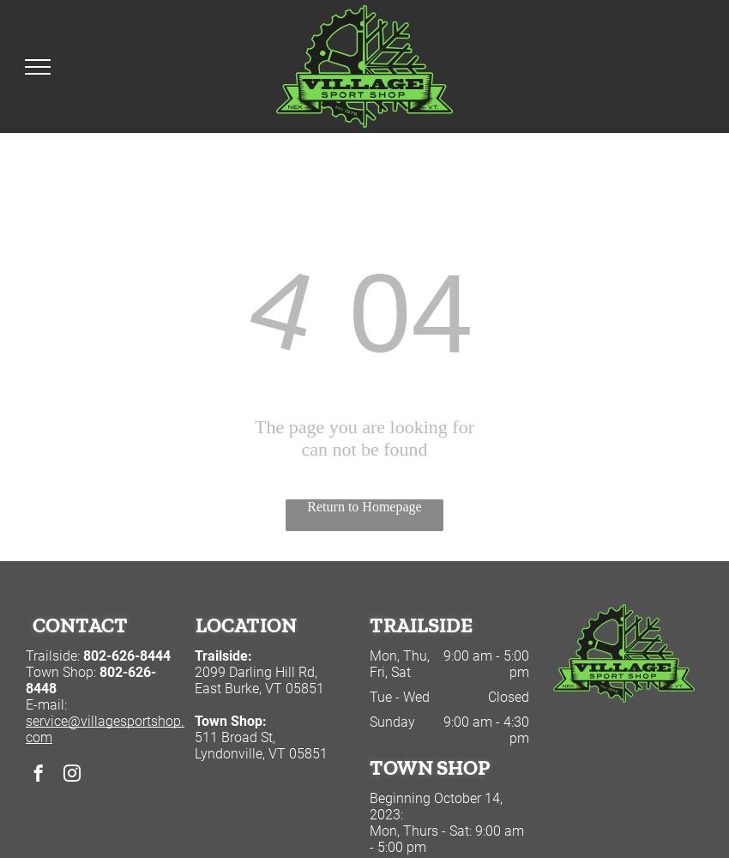  Describe the element at coordinates (435, 806) in the screenshot. I see `'Beginning October 14, 2023:'` at that location.